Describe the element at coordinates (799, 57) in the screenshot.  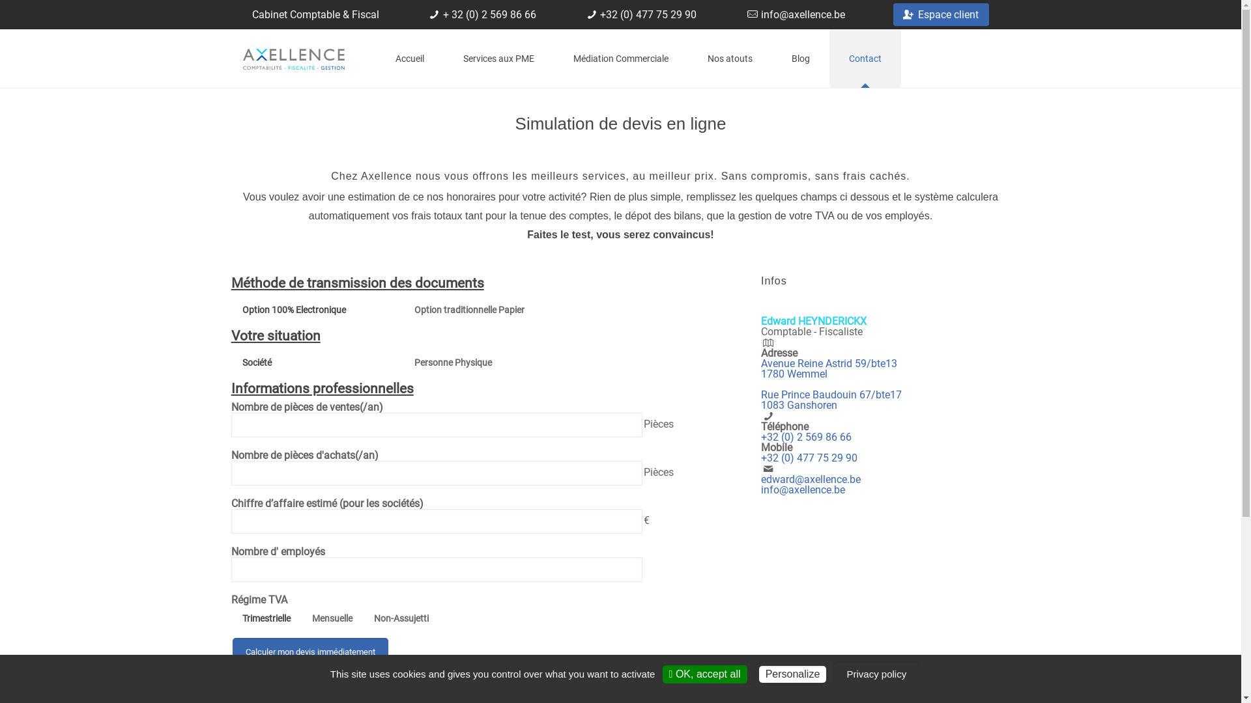
I see `'Blog'` at that location.